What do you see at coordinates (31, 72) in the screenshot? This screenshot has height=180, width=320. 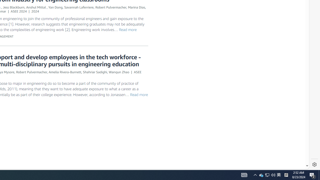 I see `'Robert Pulvermacher'` at bounding box center [31, 72].